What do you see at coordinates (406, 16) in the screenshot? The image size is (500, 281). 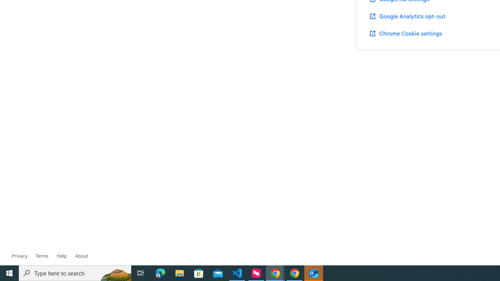 I see `'Google Analytics opt-out'` at bounding box center [406, 16].